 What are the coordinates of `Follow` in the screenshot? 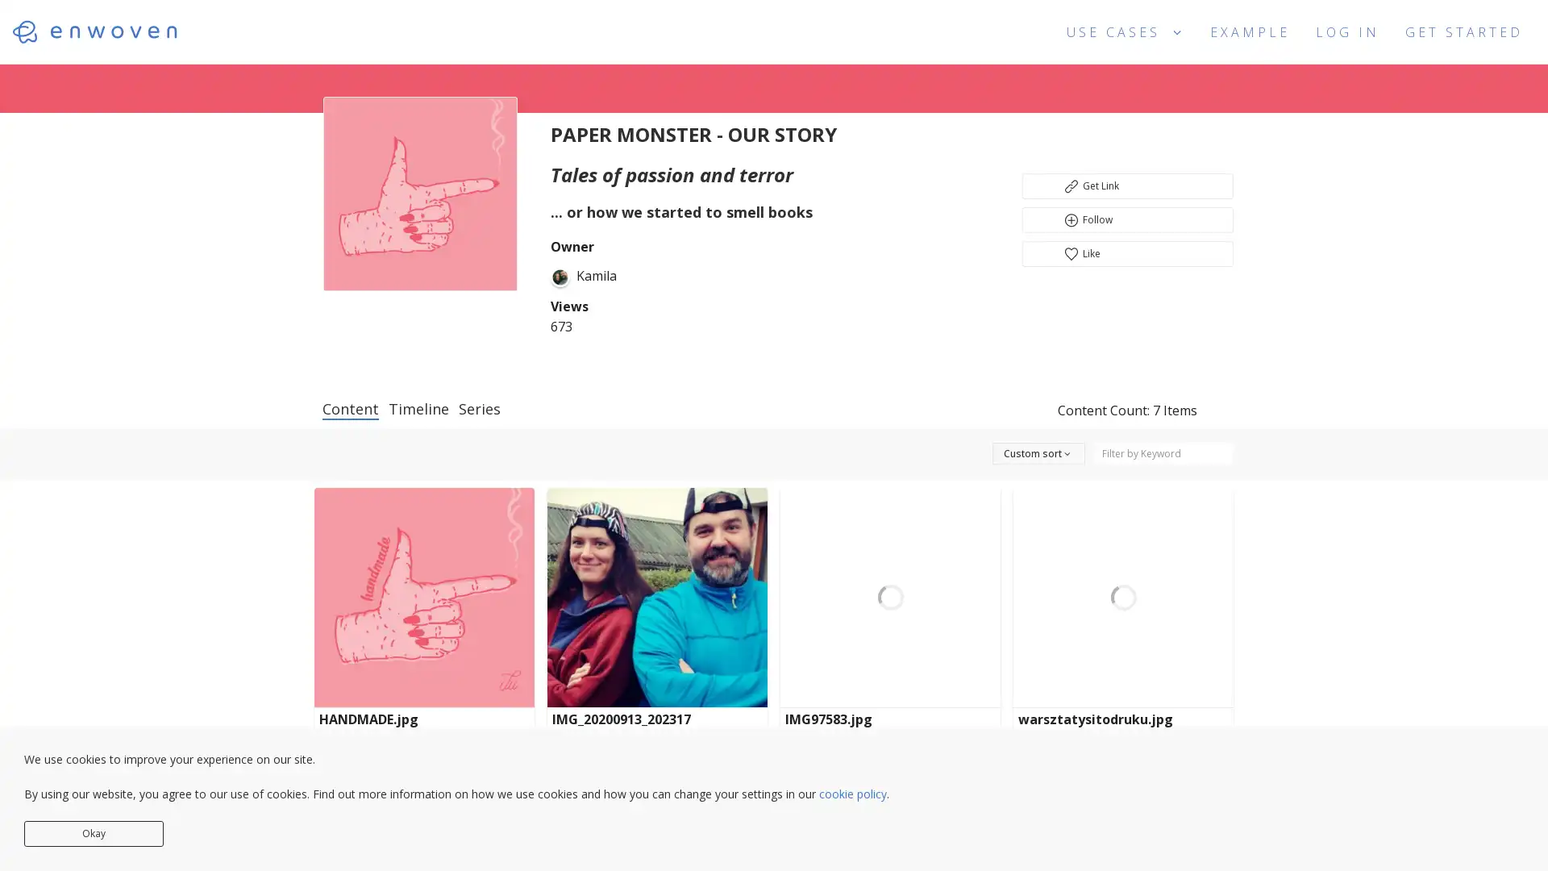 It's located at (1126, 220).